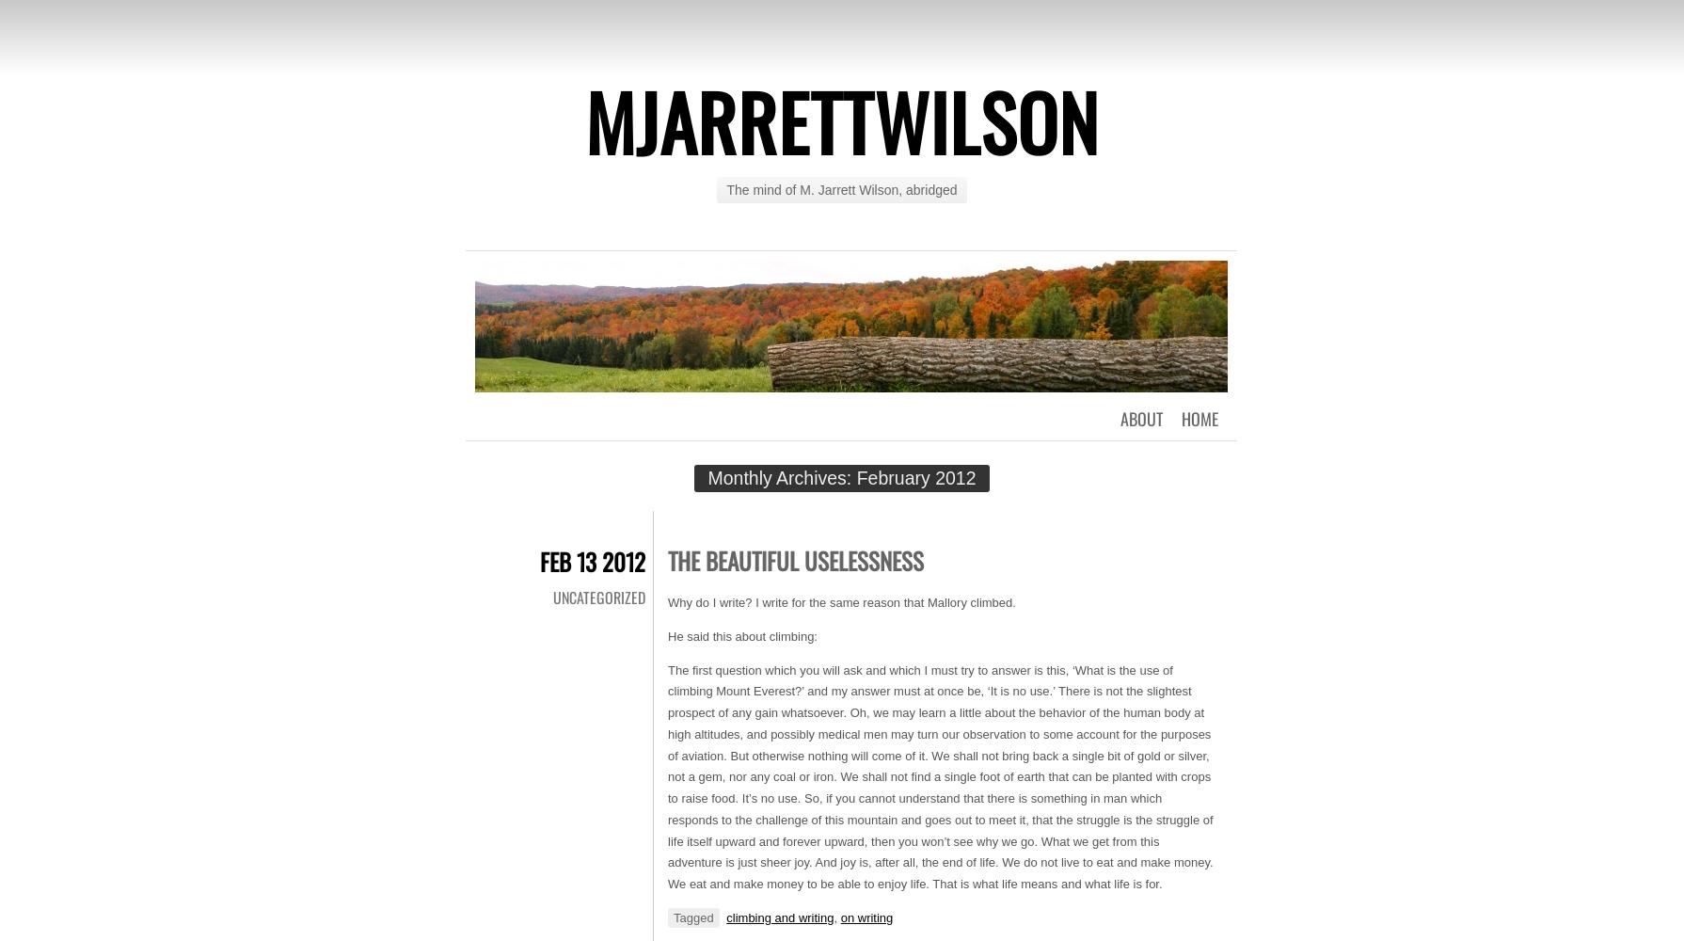 The width and height of the screenshot is (1684, 941). What do you see at coordinates (794, 559) in the screenshot?
I see `'The Beautiful Uselessness'` at bounding box center [794, 559].